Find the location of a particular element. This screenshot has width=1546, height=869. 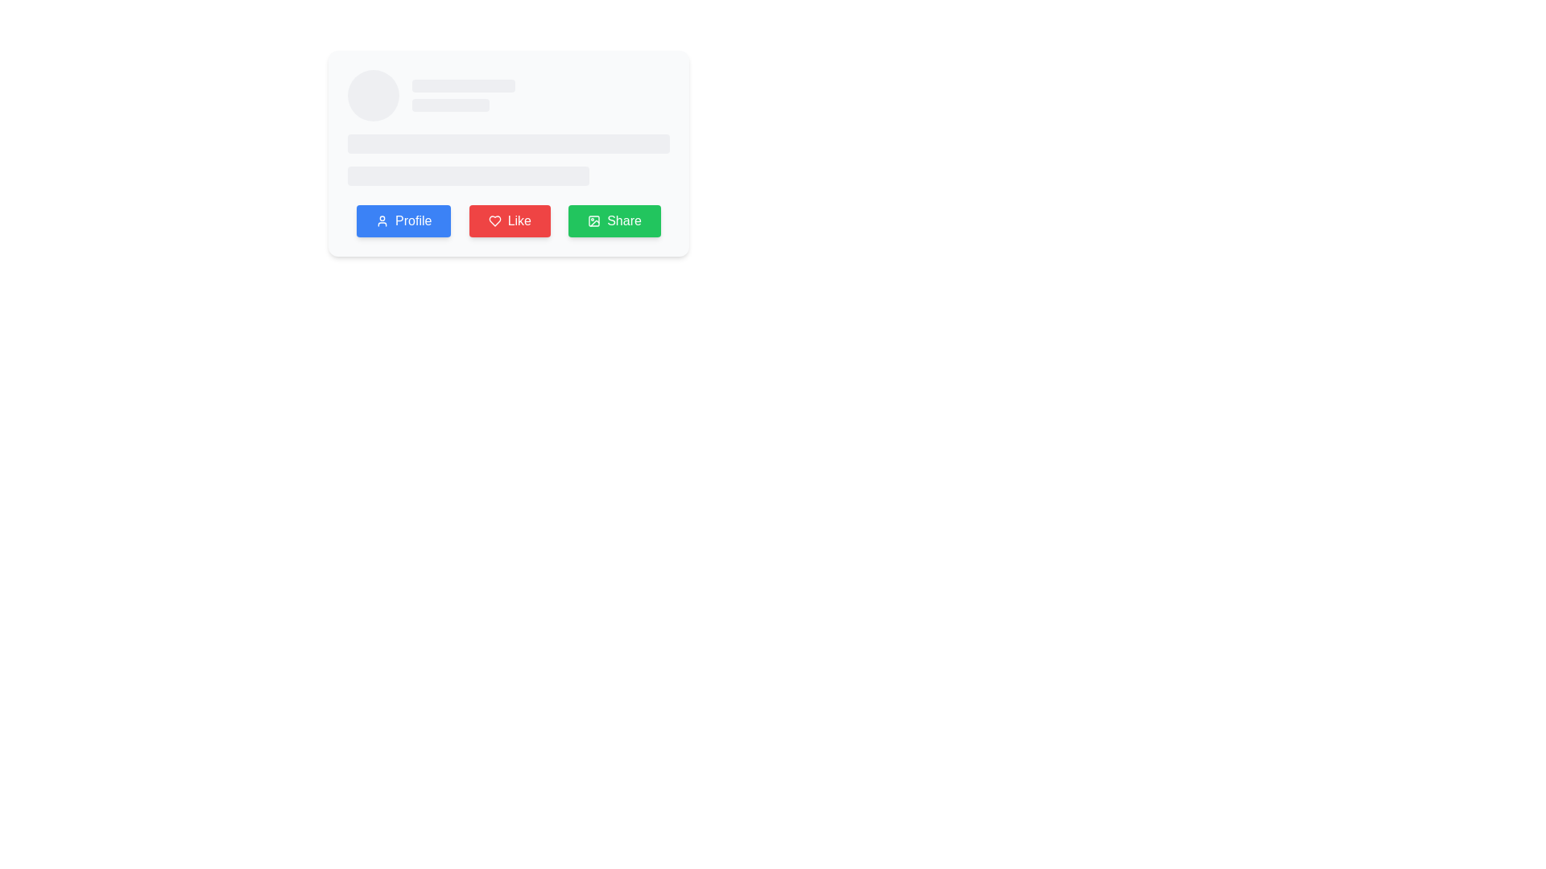

the 'Share' button, which is a rounded rectangular button with a green background and white text, located at the bottom of the card UI, positioned as the last button on the right is located at coordinates (614, 220).